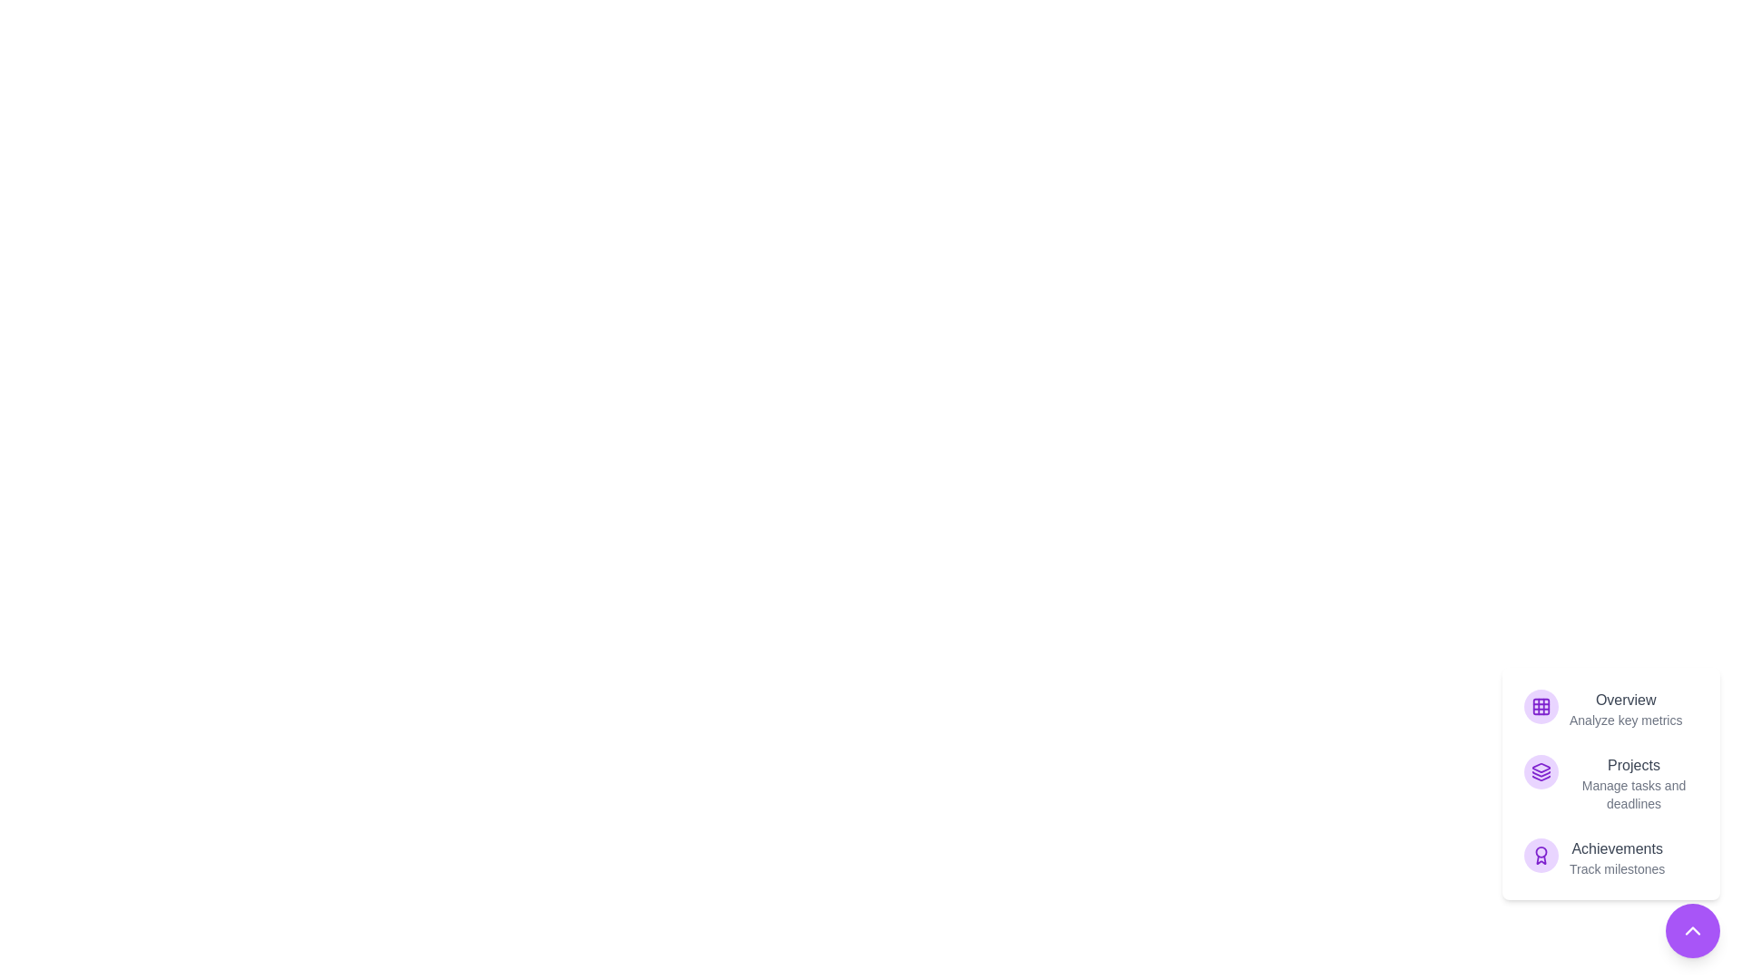 Image resolution: width=1742 pixels, height=980 pixels. Describe the element at coordinates (1611, 783) in the screenshot. I see `the quick access item Projects` at that location.